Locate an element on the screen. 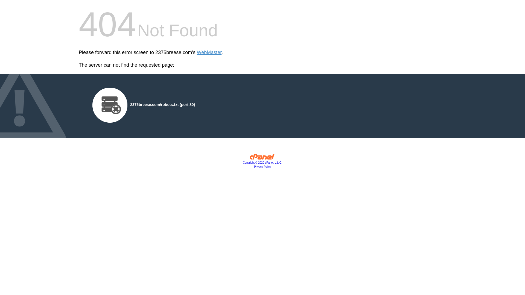 The height and width of the screenshot is (295, 525). 'WebMaster' is located at coordinates (209, 52).